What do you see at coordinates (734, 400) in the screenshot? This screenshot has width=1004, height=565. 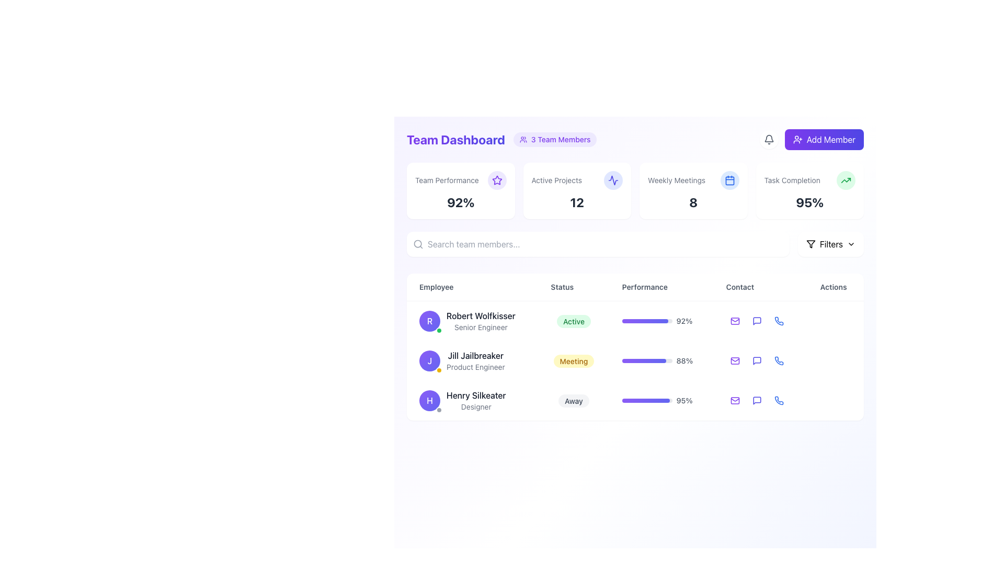 I see `the email button icon, which is violet and has rounded corners, located in the 'Actions' column for the last entry labeled 'Henry Silkeater.'` at bounding box center [734, 400].